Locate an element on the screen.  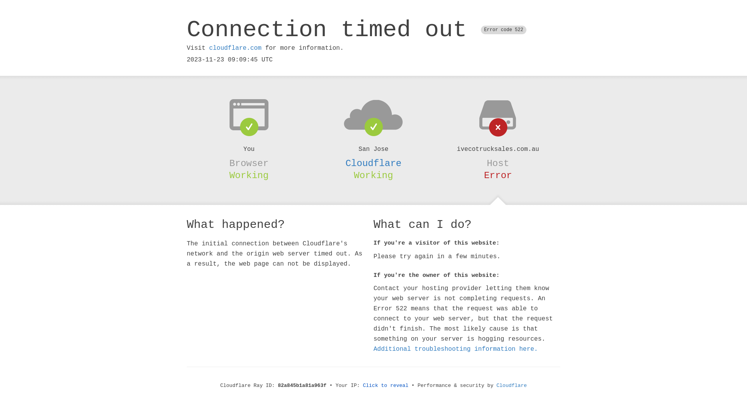
'Additional troubleshooting information here.' is located at coordinates (456, 349).